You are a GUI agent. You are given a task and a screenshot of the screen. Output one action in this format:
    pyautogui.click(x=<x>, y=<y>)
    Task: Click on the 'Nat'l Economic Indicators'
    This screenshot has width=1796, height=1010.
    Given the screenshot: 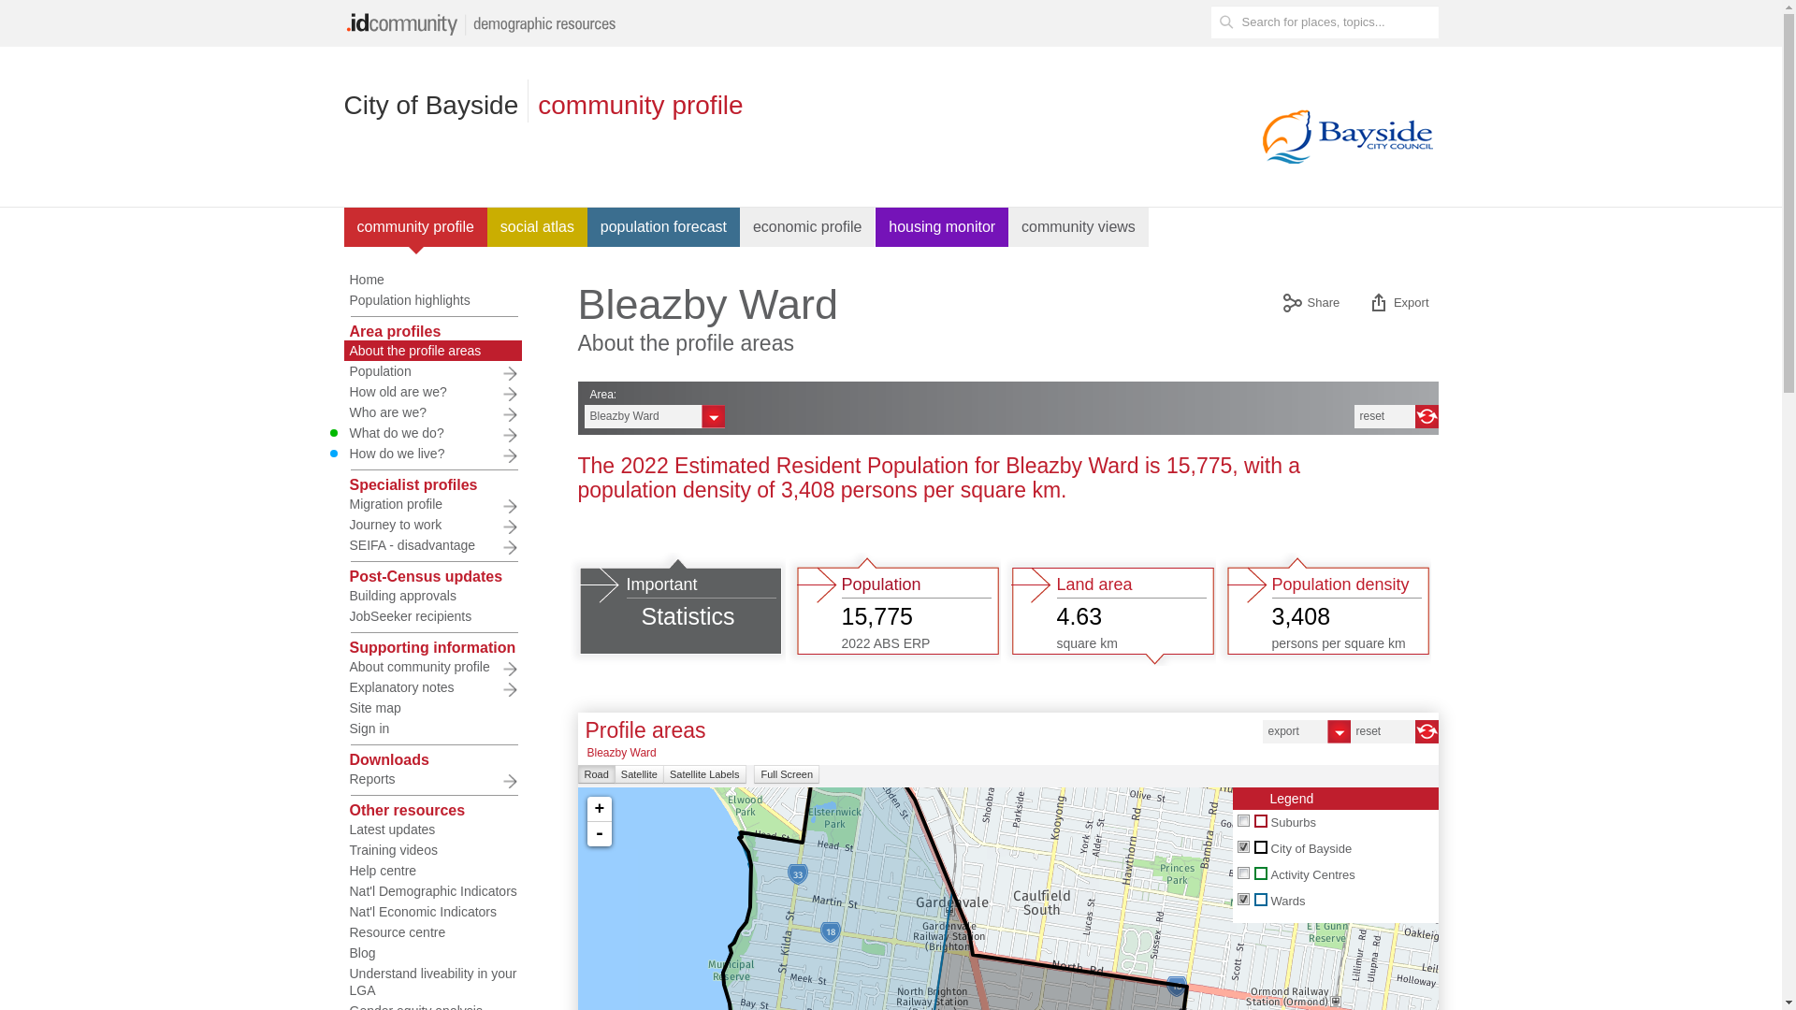 What is the action you would take?
    pyautogui.click(x=431, y=911)
    